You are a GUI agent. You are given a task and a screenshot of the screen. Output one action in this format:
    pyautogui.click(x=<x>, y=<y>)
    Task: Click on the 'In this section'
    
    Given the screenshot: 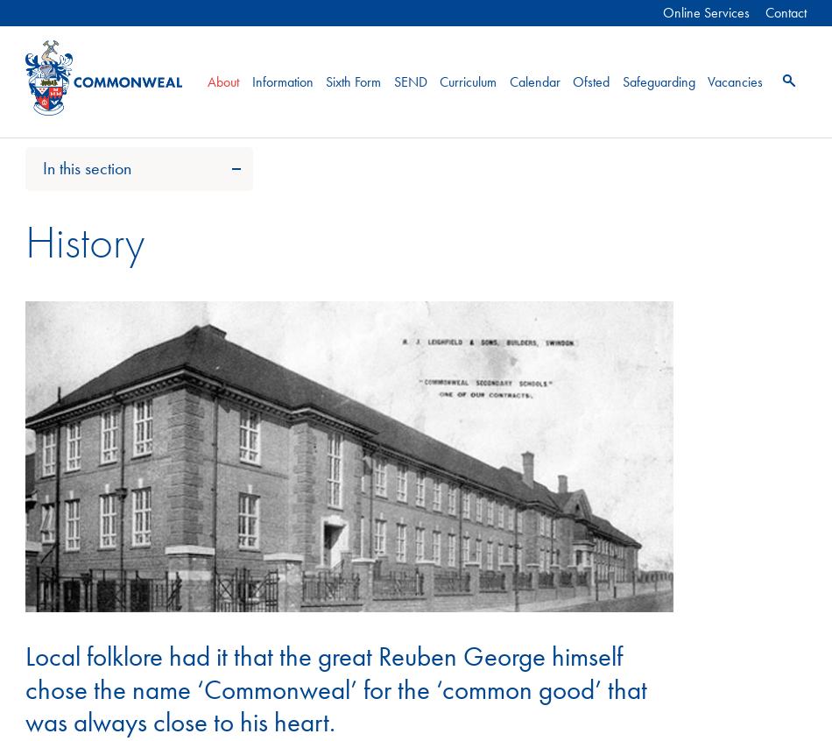 What is the action you would take?
    pyautogui.click(x=43, y=167)
    